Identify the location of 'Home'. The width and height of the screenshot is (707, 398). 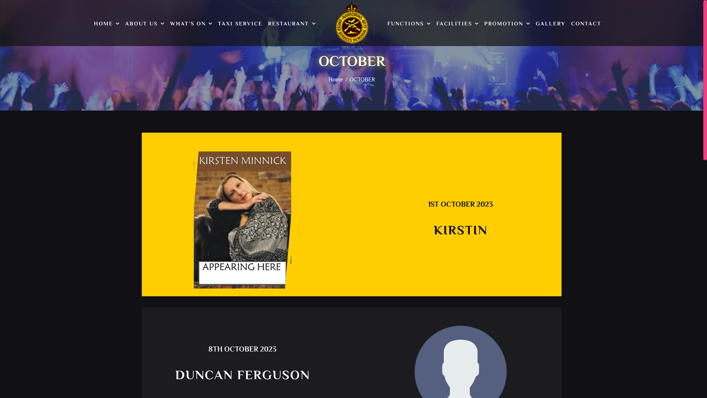
(335, 80).